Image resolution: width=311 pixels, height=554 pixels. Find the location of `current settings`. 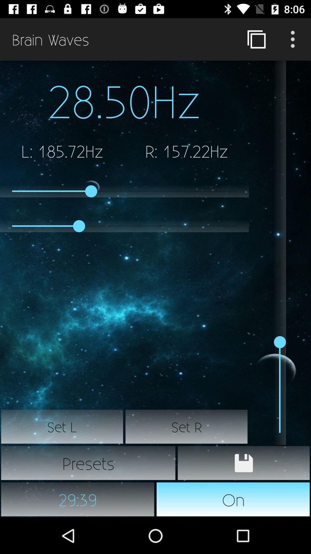

current settings is located at coordinates (244, 463).